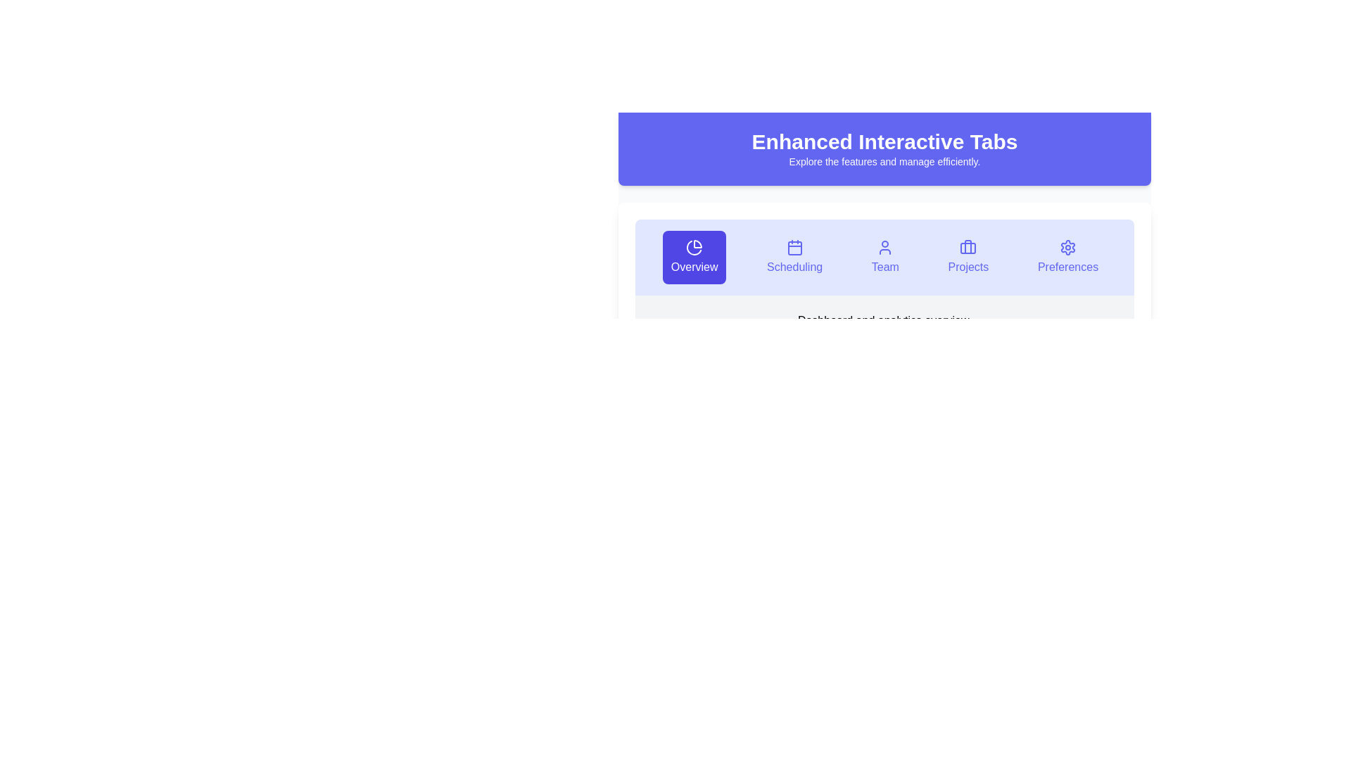 This screenshot has width=1351, height=760. Describe the element at coordinates (968, 248) in the screenshot. I see `the rectangular graphical UI component resembling a suitcase in the 'Projects' section of the navigation bar to identify the icon` at that location.